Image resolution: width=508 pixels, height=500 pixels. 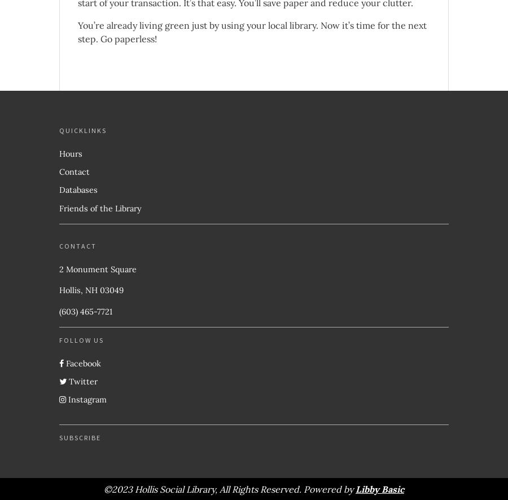 I want to click on 'Follow Us', so click(x=81, y=340).